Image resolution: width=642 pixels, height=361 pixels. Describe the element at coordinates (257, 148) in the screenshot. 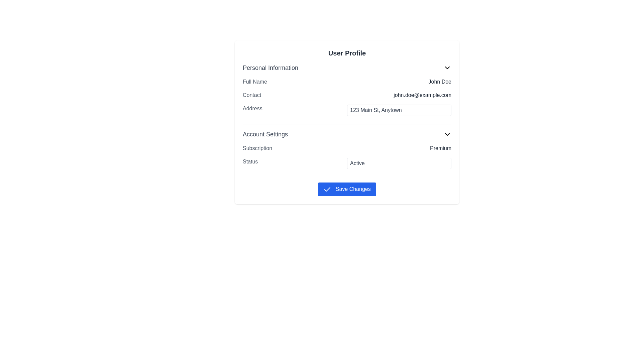

I see `the Text label indicating the subscription type located in the 'Account Settings' section, positioned left above the 'Status' row` at that location.